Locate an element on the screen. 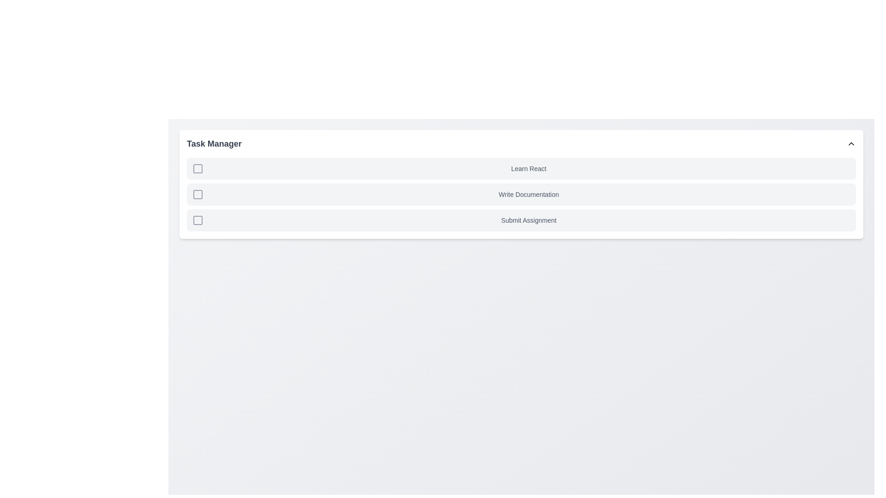  the checkbox for task Learn React is located at coordinates (197, 169).